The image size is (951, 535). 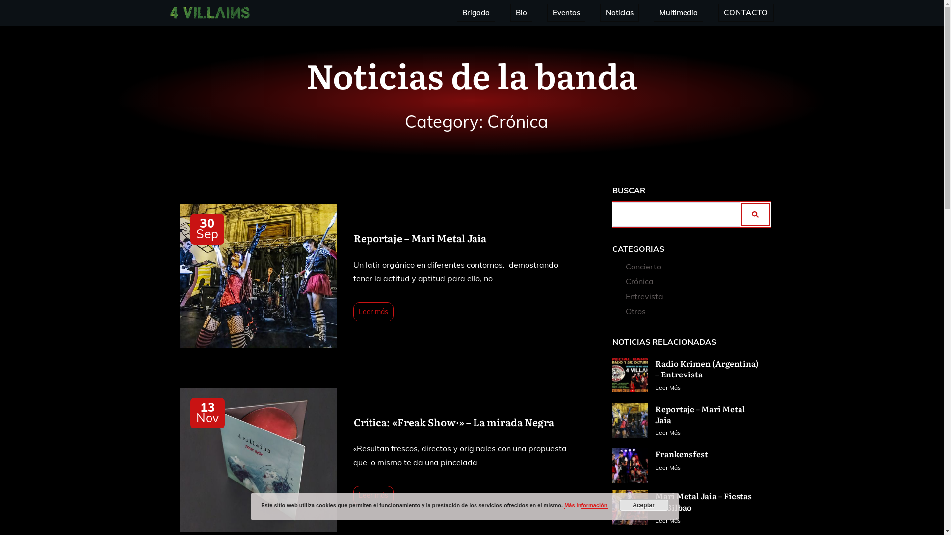 What do you see at coordinates (566, 13) in the screenshot?
I see `'Eventos'` at bounding box center [566, 13].